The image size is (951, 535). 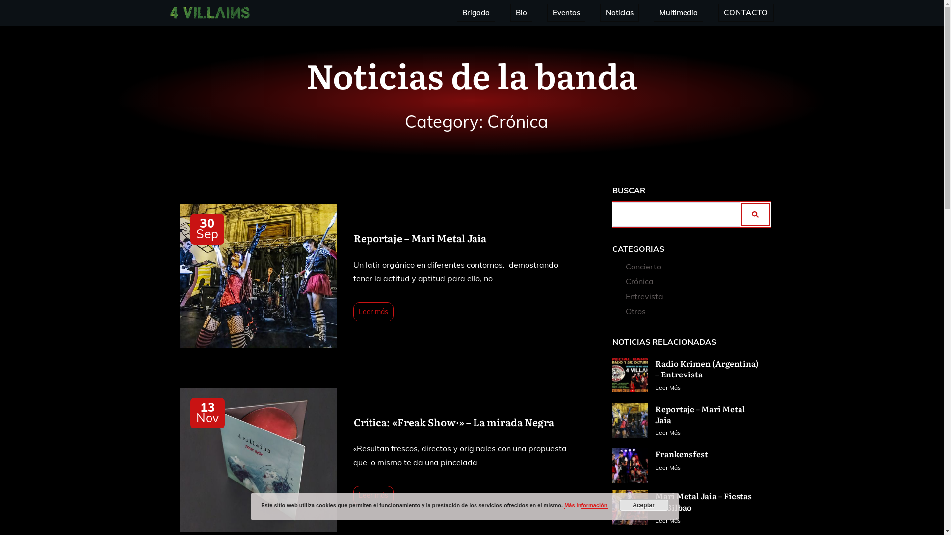 What do you see at coordinates (566, 13) in the screenshot?
I see `'Eventos'` at bounding box center [566, 13].